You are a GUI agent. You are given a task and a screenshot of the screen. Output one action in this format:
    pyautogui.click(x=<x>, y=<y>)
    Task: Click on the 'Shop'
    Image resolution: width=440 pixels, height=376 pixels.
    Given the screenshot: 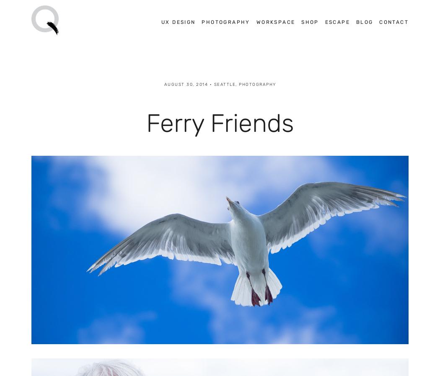 What is the action you would take?
    pyautogui.click(x=309, y=21)
    